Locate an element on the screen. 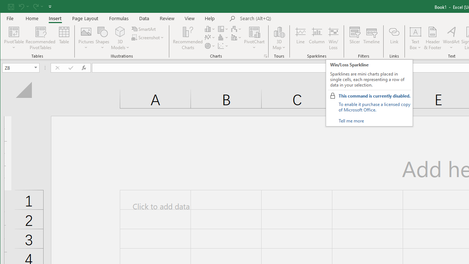  'Insert Waterfall, Funnel, Stock, Surface, or Radar Chart' is located at coordinates (237, 29).